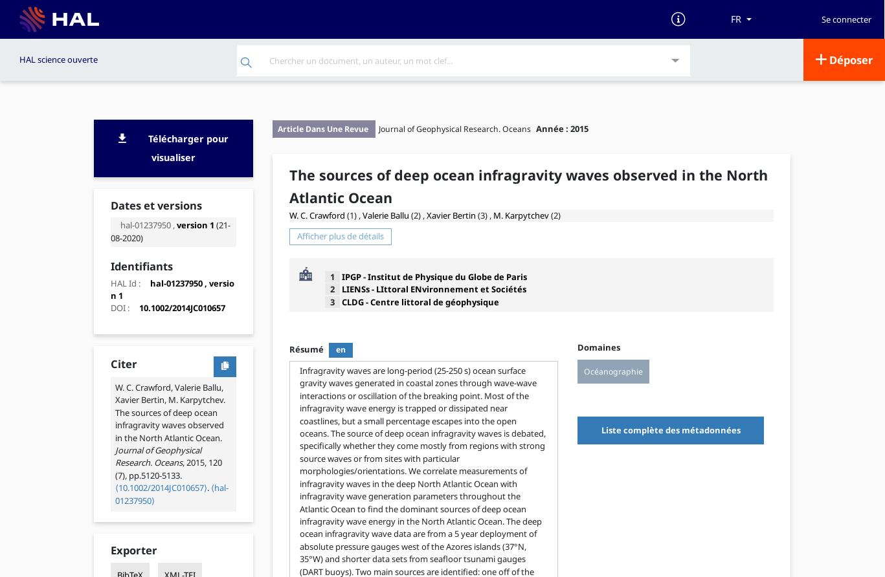 The height and width of the screenshot is (577, 885). I want to click on 'W. C. Crawford', so click(316, 215).